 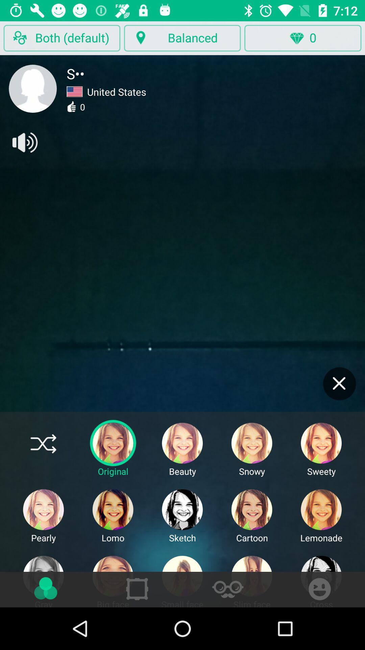 What do you see at coordinates (339, 384) in the screenshot?
I see `the close icon` at bounding box center [339, 384].